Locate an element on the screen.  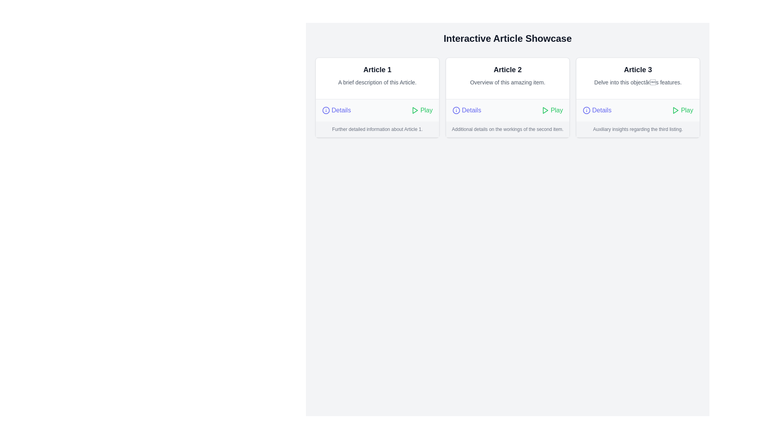
the supplementary descriptive Text element located at the bottom of the 'Article 2' card, which is positioned beneath the 'Details' and 'Play' elements is located at coordinates (508, 129).